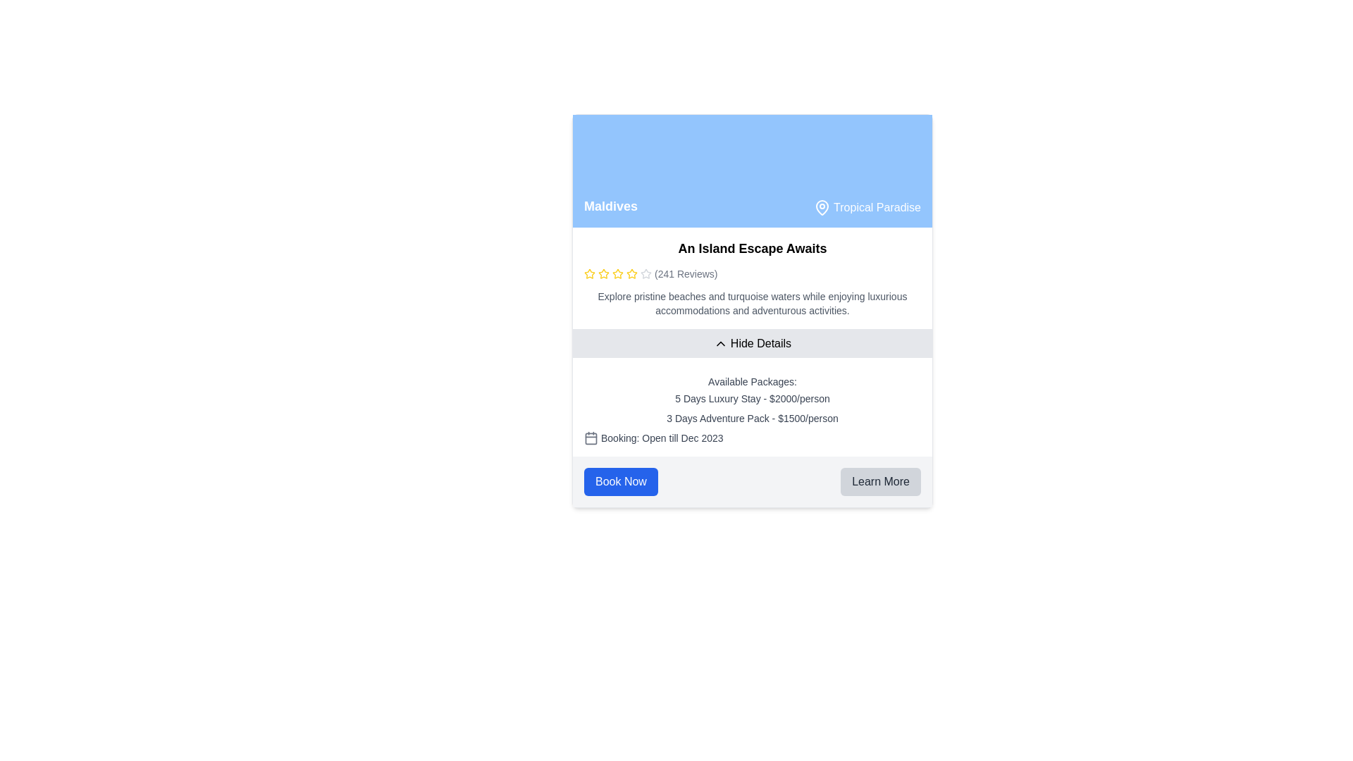 This screenshot has width=1353, height=761. What do you see at coordinates (752, 344) in the screenshot?
I see `the button that collapses or hides additional details about the packages, located centrally above the 'Available Packages' section` at bounding box center [752, 344].